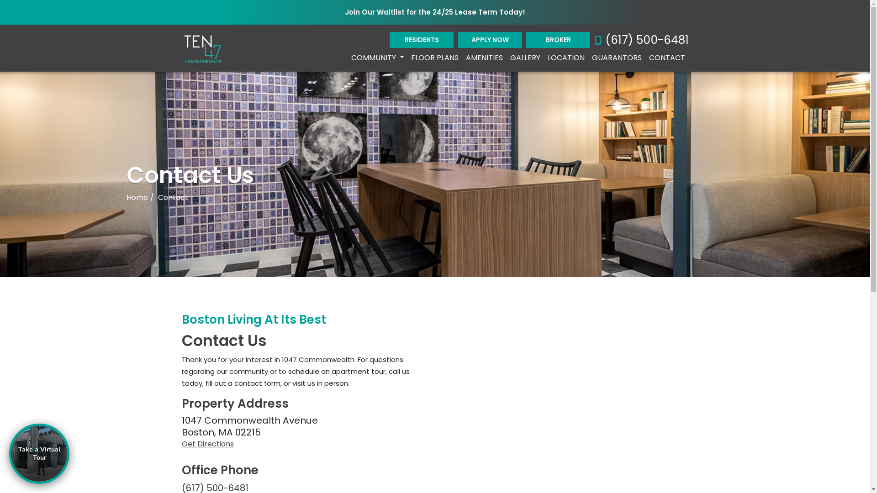 The image size is (877, 493). I want to click on 'GALLERY', so click(524, 58).